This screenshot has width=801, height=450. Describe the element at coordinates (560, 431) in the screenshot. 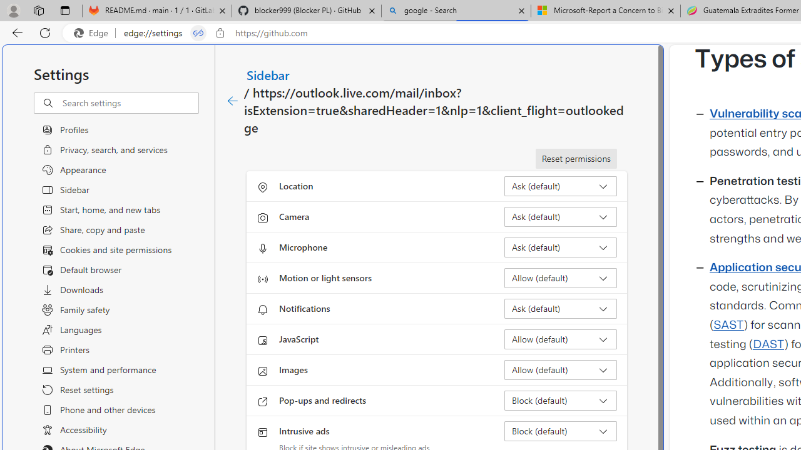

I see `'Intrusive ads Block (default)'` at that location.